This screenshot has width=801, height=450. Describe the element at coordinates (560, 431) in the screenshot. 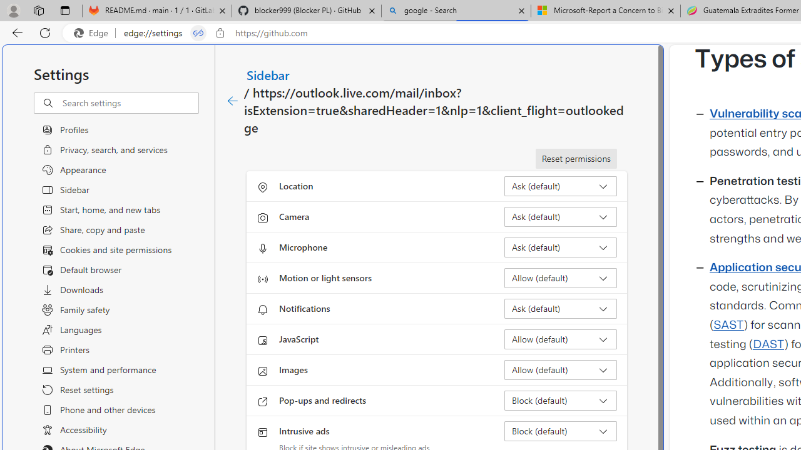

I see `'Intrusive ads Block (default)'` at that location.